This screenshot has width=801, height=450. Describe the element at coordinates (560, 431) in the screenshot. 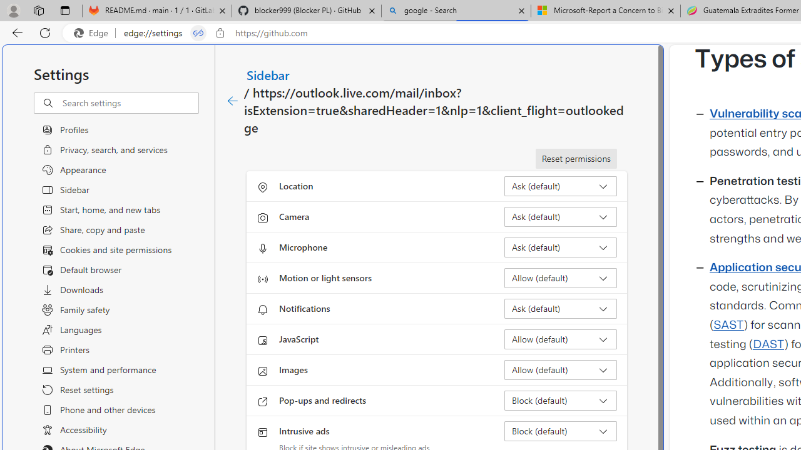

I see `'Intrusive ads Block (default)'` at that location.